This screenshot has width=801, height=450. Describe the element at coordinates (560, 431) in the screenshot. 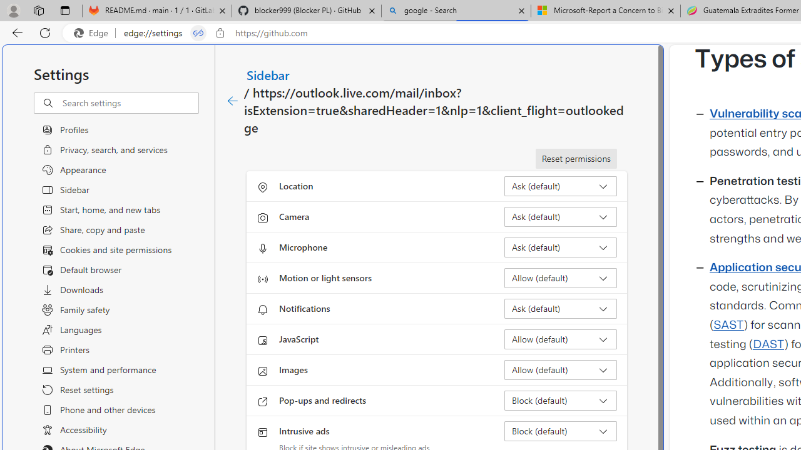

I see `'Intrusive ads Block (default)'` at that location.